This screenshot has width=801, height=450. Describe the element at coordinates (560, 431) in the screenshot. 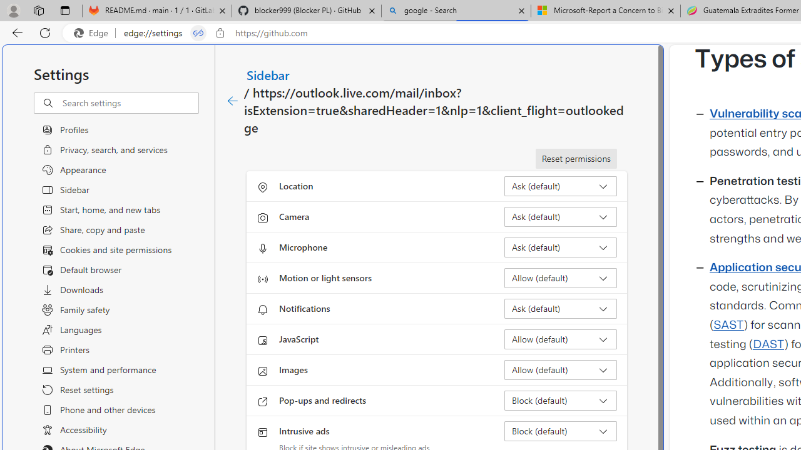

I see `'Intrusive ads Block (default)'` at that location.